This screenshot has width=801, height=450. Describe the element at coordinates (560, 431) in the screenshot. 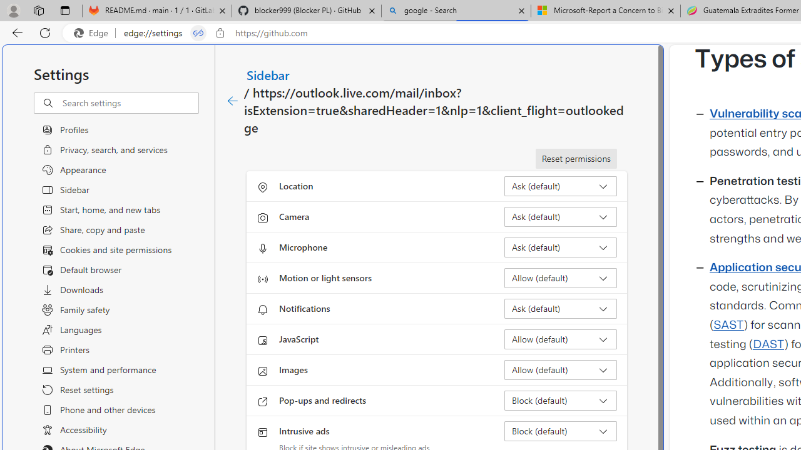

I see `'Intrusive ads Block (default)'` at that location.